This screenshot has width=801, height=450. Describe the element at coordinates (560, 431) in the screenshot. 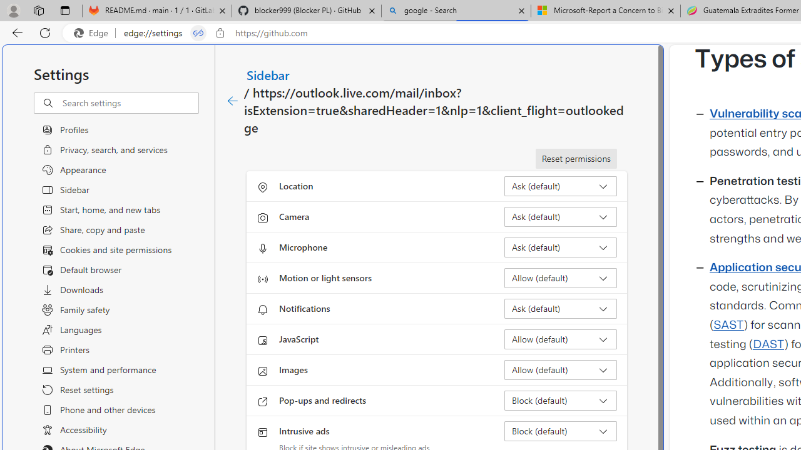

I see `'Intrusive ads Block (default)'` at that location.